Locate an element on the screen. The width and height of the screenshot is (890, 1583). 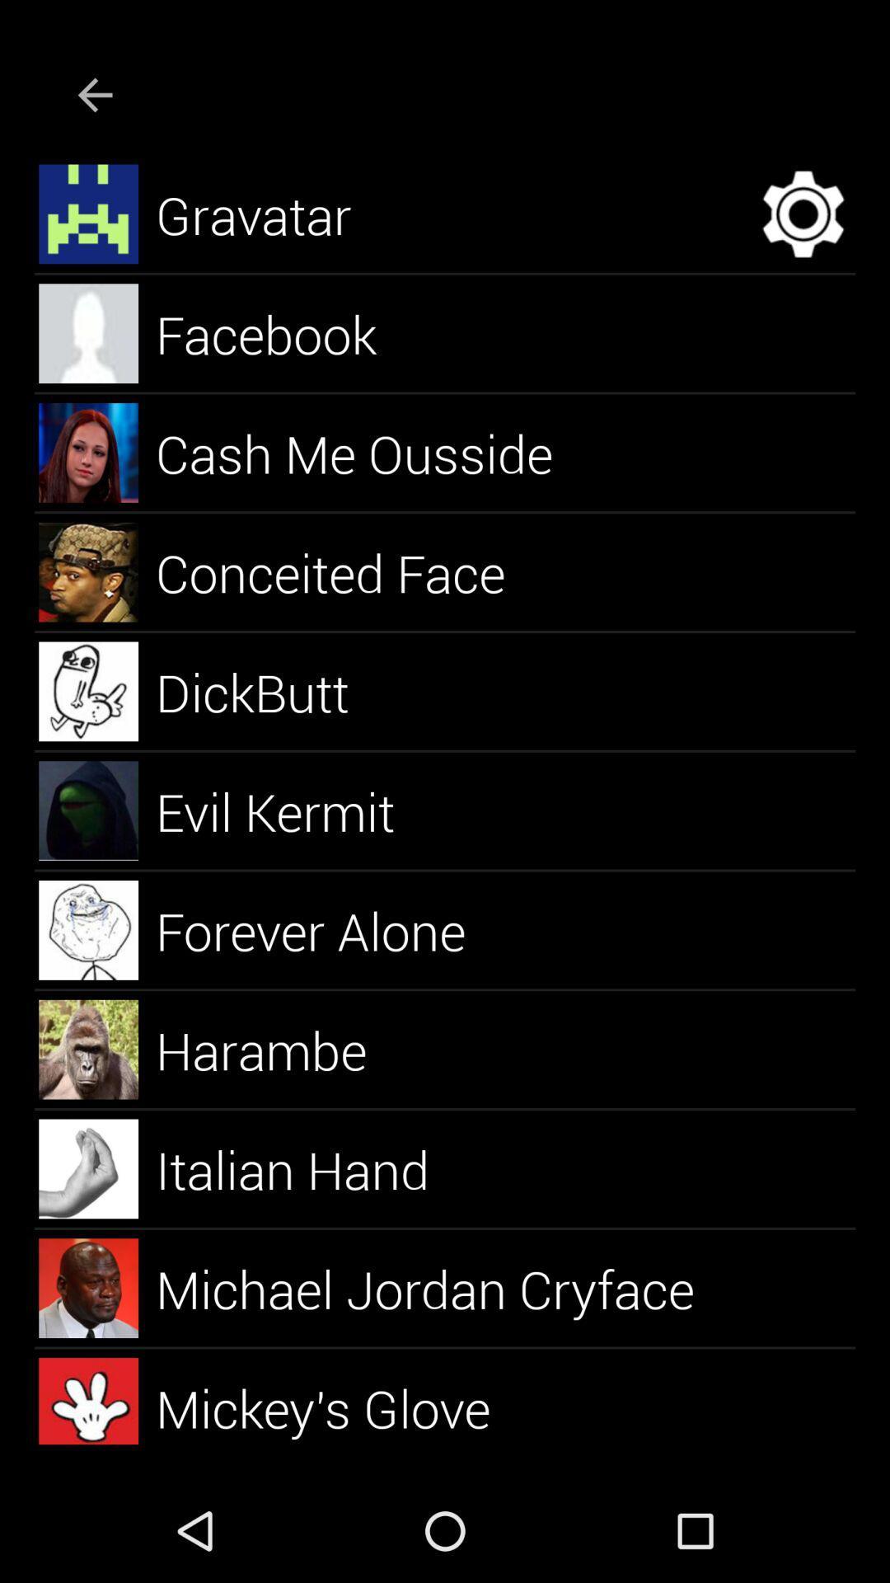
the evil kermit is located at coordinates (293, 810).